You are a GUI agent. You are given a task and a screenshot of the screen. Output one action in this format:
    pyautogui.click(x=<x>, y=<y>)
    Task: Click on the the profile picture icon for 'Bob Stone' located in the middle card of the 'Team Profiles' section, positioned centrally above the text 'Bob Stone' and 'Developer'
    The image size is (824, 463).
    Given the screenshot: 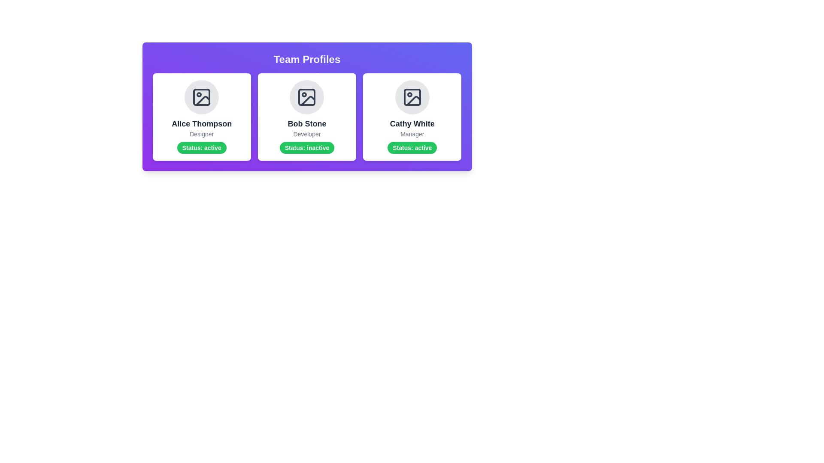 What is the action you would take?
    pyautogui.click(x=308, y=100)
    